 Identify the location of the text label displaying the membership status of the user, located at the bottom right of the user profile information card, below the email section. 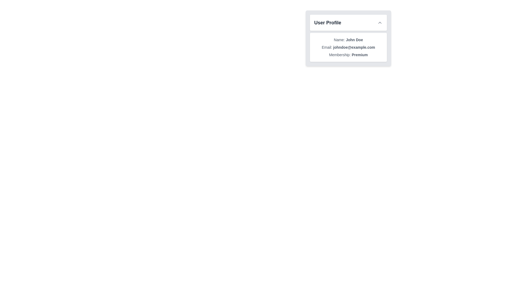
(348, 55).